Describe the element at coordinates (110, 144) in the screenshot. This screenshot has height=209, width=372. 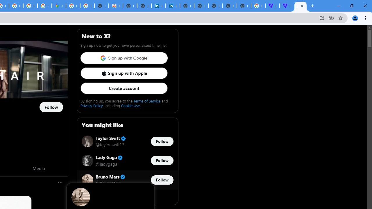
I see `'@taylorswift13'` at that location.